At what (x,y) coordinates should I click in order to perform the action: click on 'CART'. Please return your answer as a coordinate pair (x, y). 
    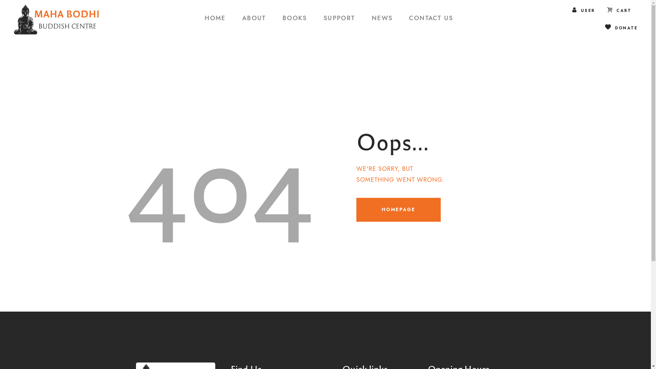
    Looking at the image, I should click on (619, 10).